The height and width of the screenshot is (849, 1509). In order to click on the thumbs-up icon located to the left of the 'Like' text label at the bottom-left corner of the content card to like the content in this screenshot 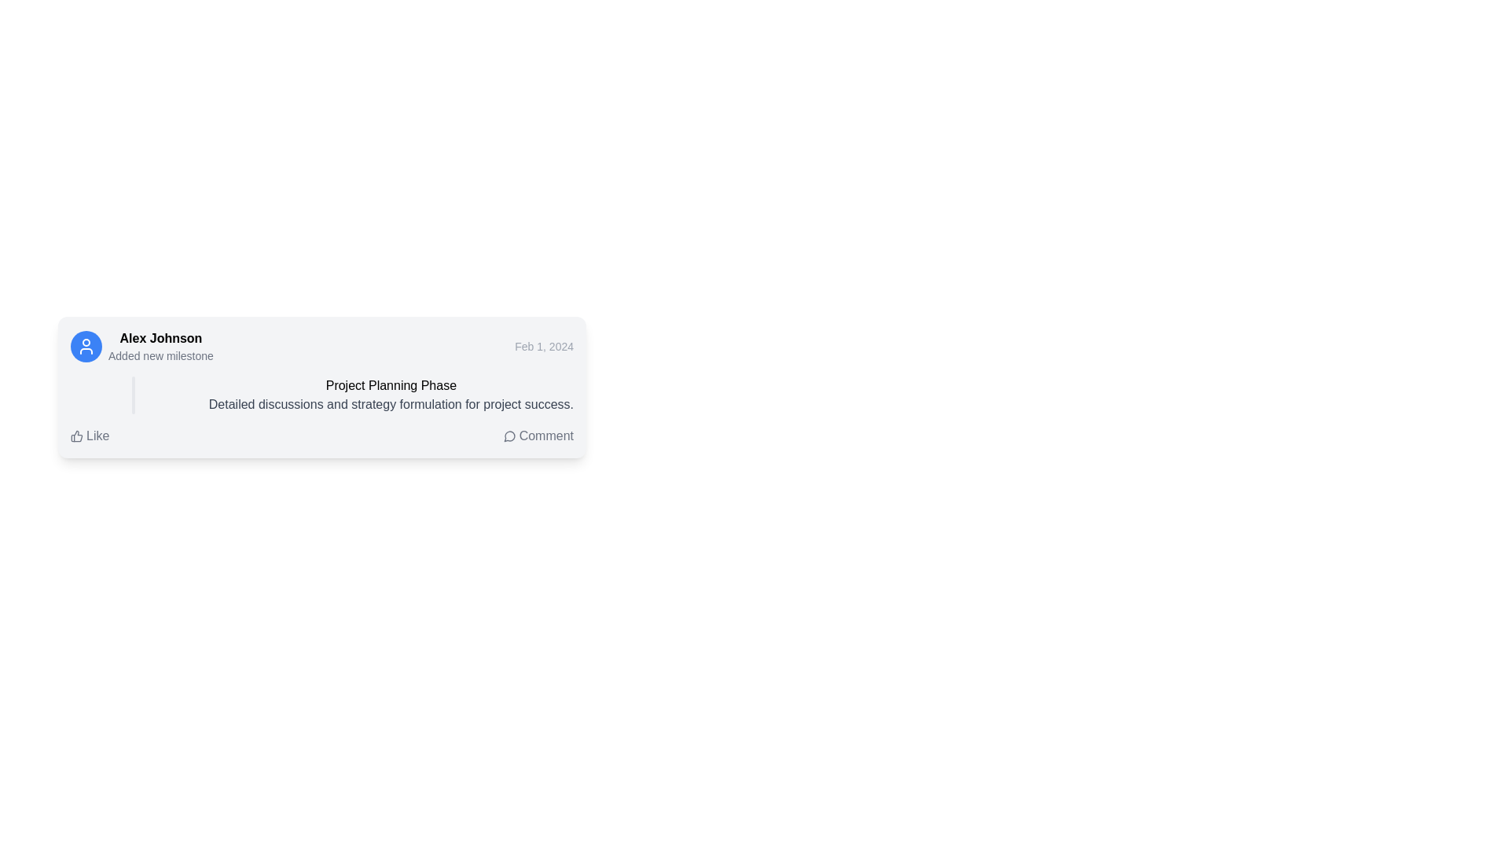, I will do `click(75, 436)`.